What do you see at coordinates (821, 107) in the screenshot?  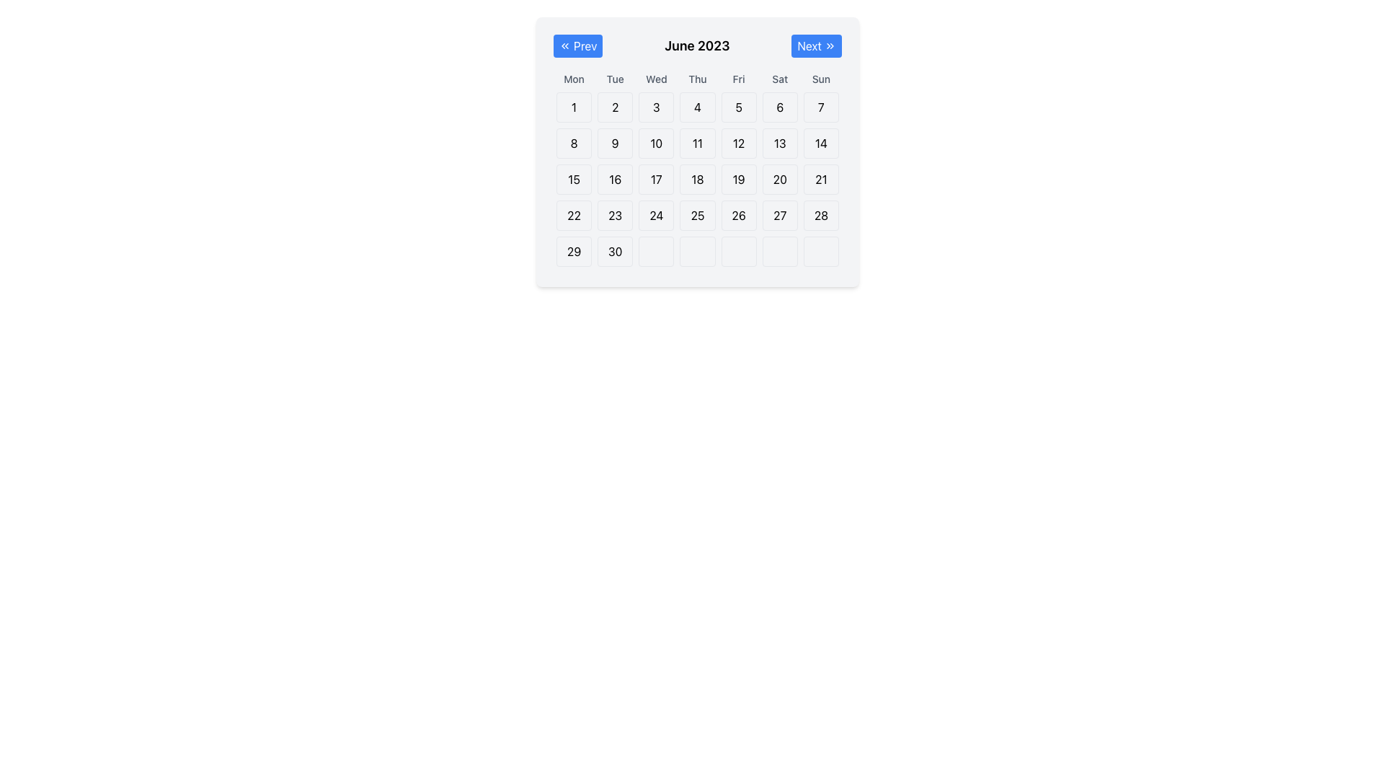 I see `the selectable date button in the top-right corner of the calendar interface` at bounding box center [821, 107].